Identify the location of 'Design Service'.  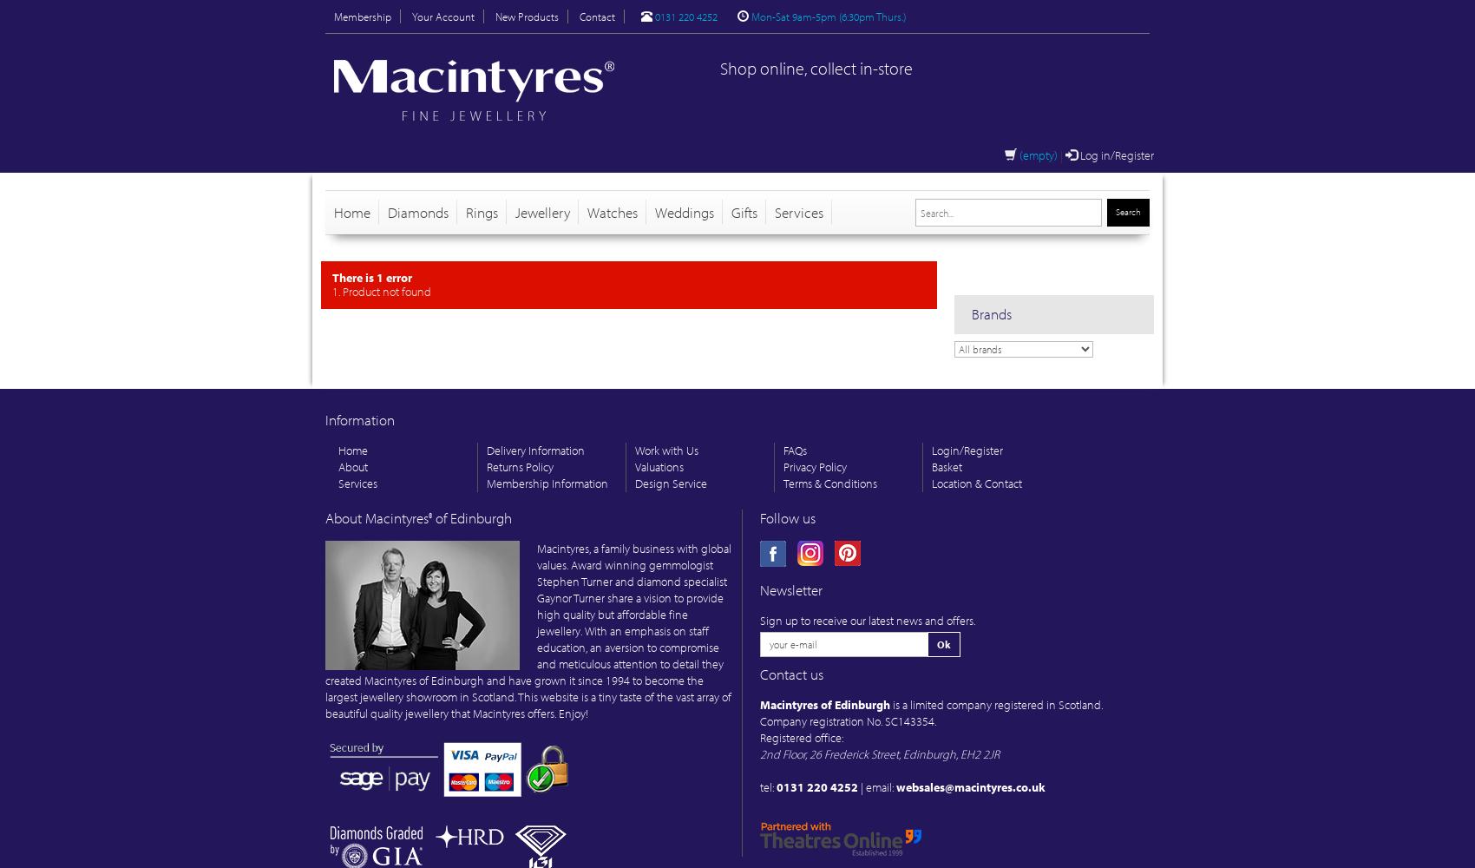
(670, 483).